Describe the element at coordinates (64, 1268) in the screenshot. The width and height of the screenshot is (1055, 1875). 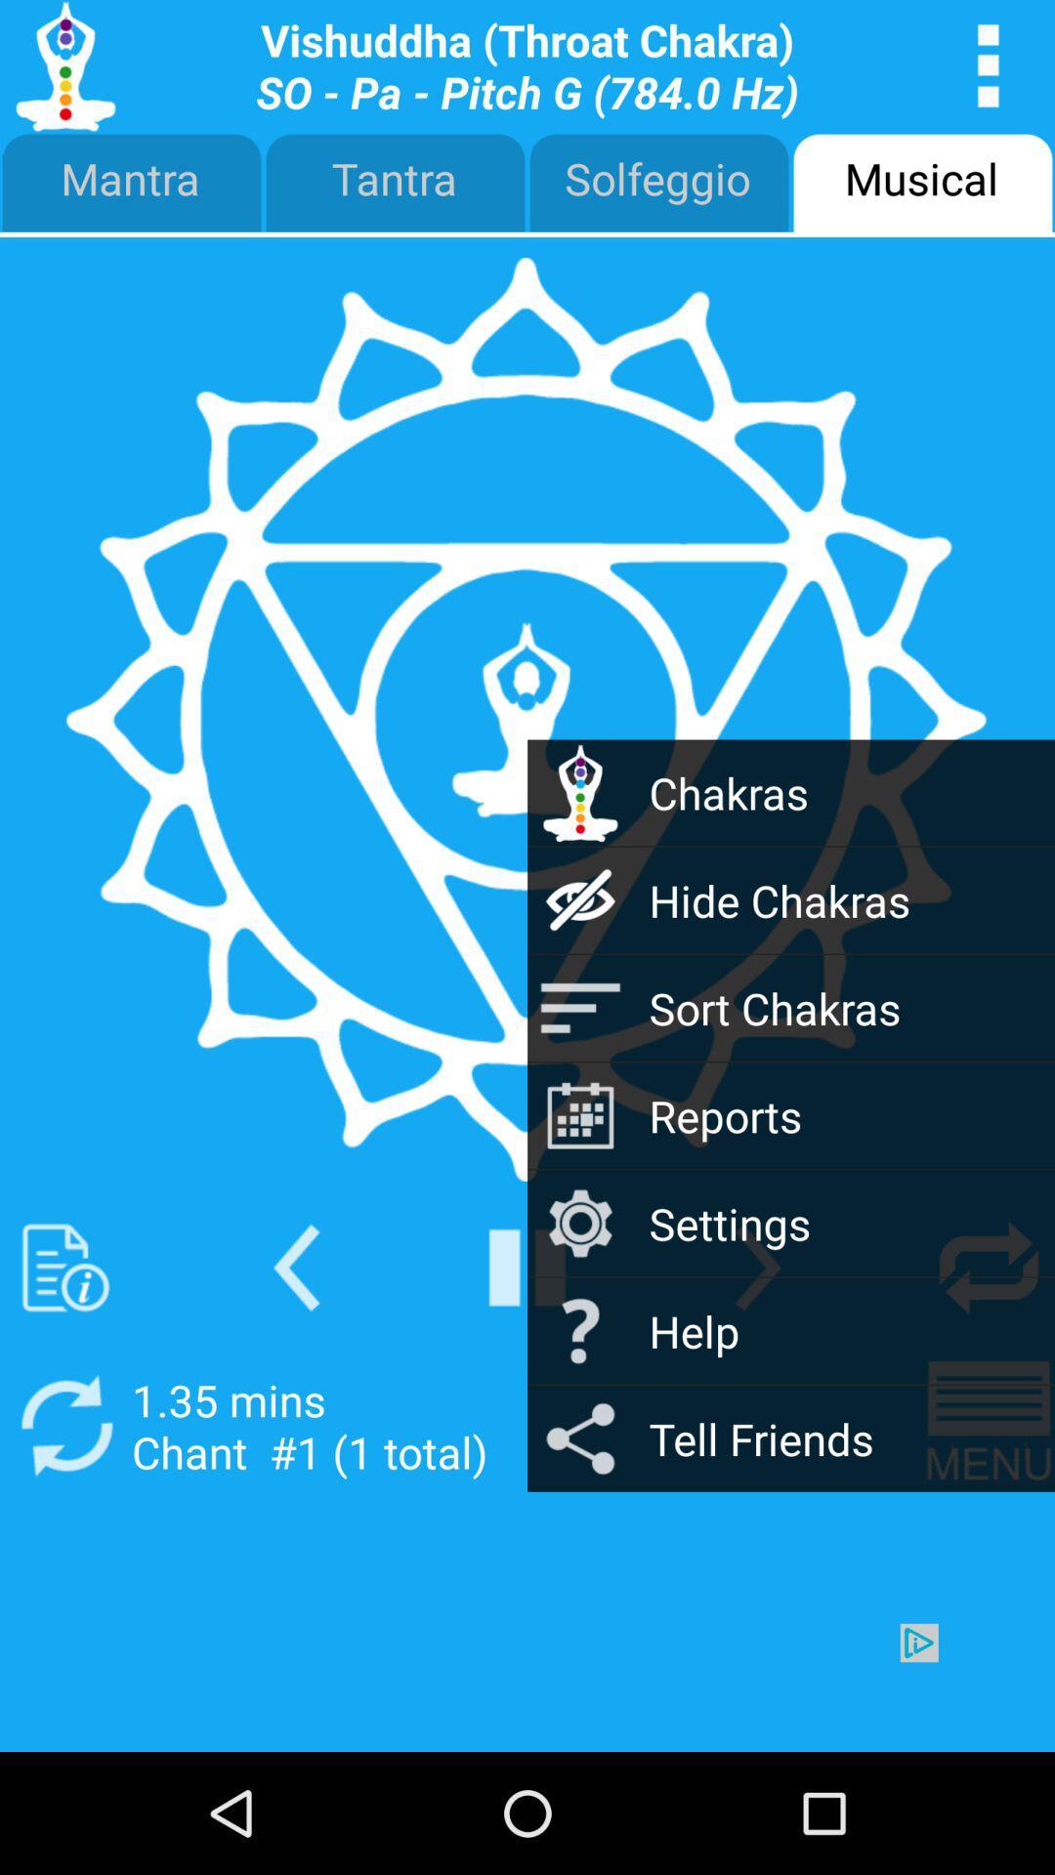
I see `twitter` at that location.